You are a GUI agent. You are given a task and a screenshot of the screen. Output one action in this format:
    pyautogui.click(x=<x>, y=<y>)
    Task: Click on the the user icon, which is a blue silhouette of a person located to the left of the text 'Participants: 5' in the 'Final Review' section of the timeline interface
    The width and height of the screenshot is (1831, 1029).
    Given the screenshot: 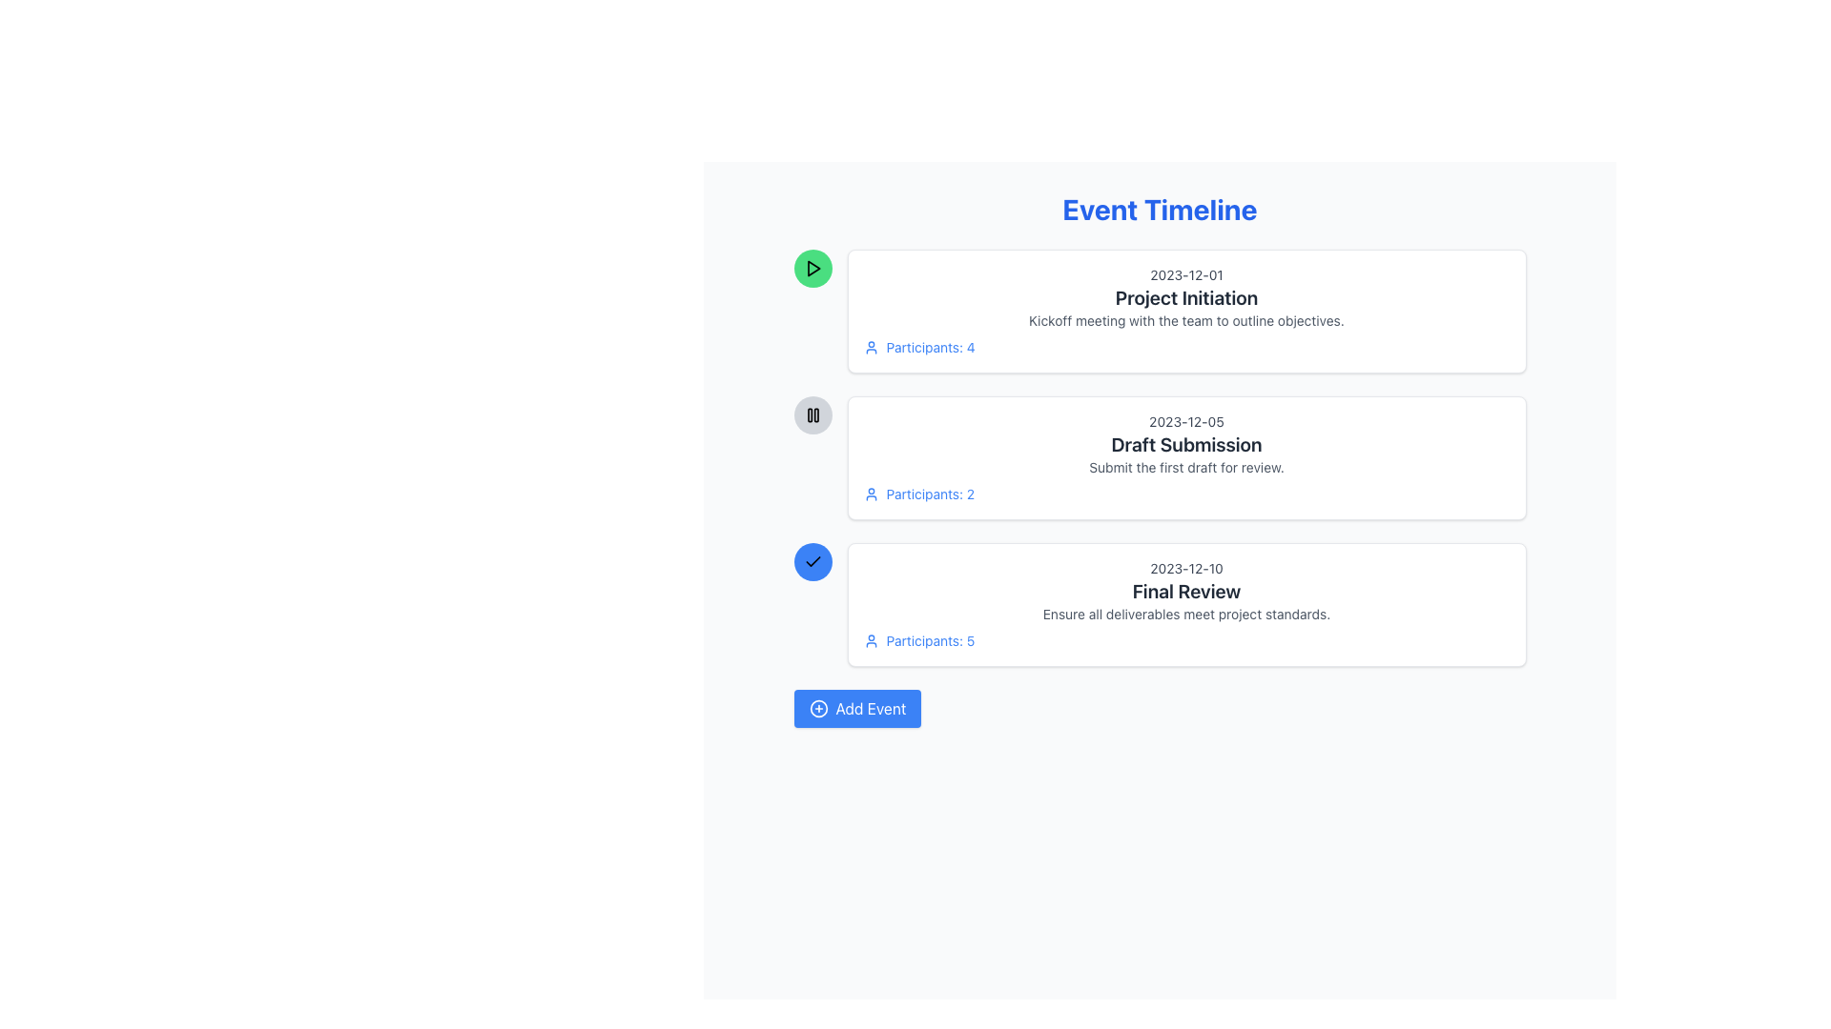 What is the action you would take?
    pyautogui.click(x=870, y=640)
    